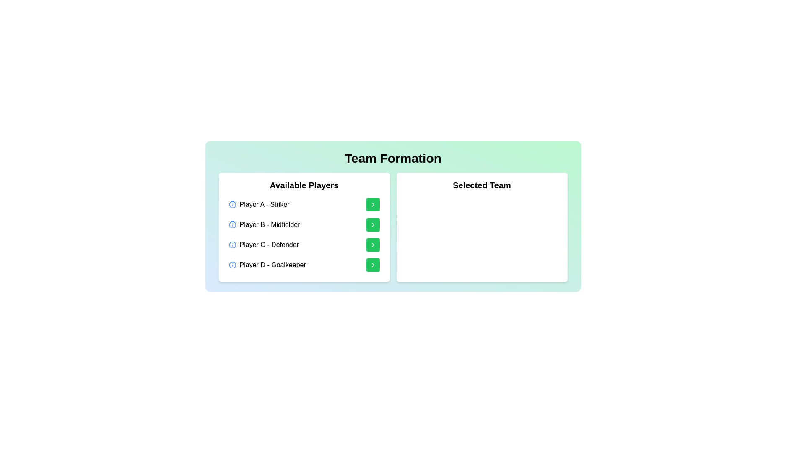 Image resolution: width=805 pixels, height=453 pixels. I want to click on the 'Available Players' header to inspect the list of players, so click(304, 187).